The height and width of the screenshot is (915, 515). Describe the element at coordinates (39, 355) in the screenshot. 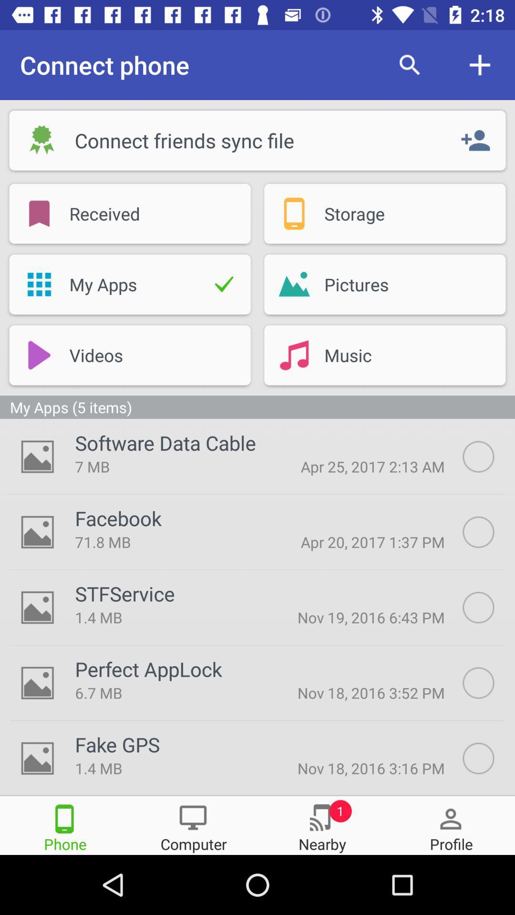

I see `app above my apps 5 item` at that location.